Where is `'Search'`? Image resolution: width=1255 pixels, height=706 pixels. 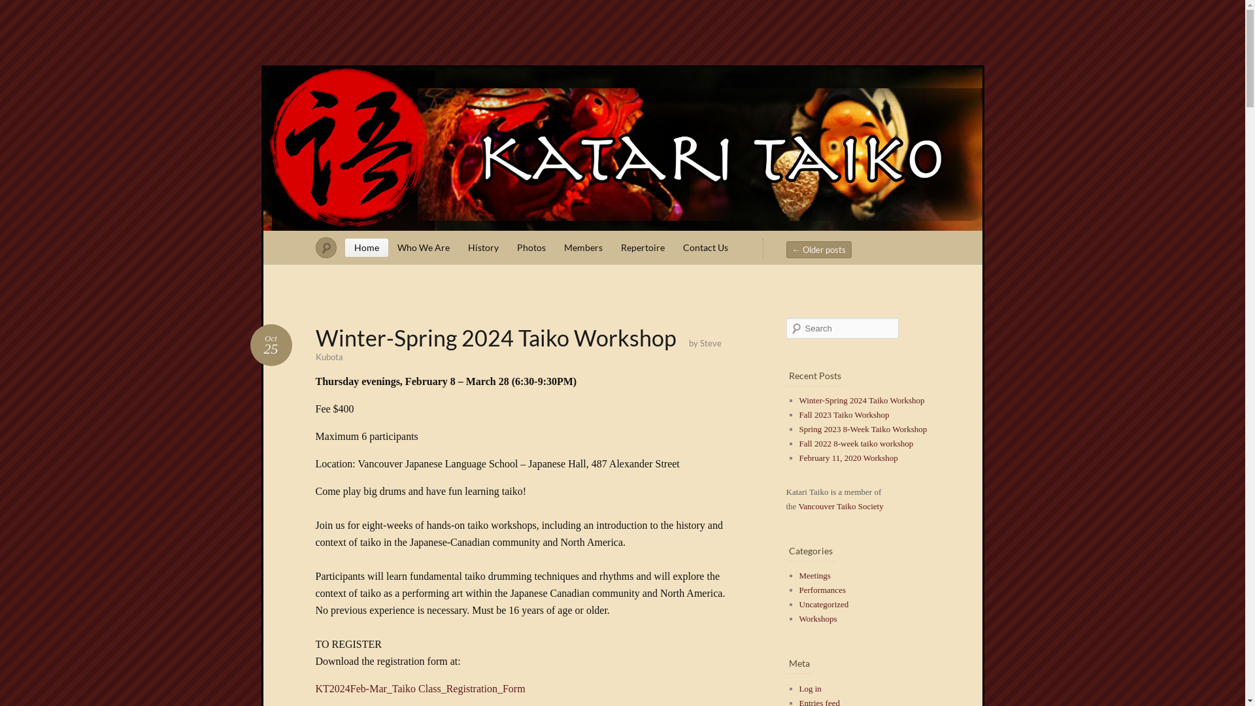 'Search' is located at coordinates (18, 7).